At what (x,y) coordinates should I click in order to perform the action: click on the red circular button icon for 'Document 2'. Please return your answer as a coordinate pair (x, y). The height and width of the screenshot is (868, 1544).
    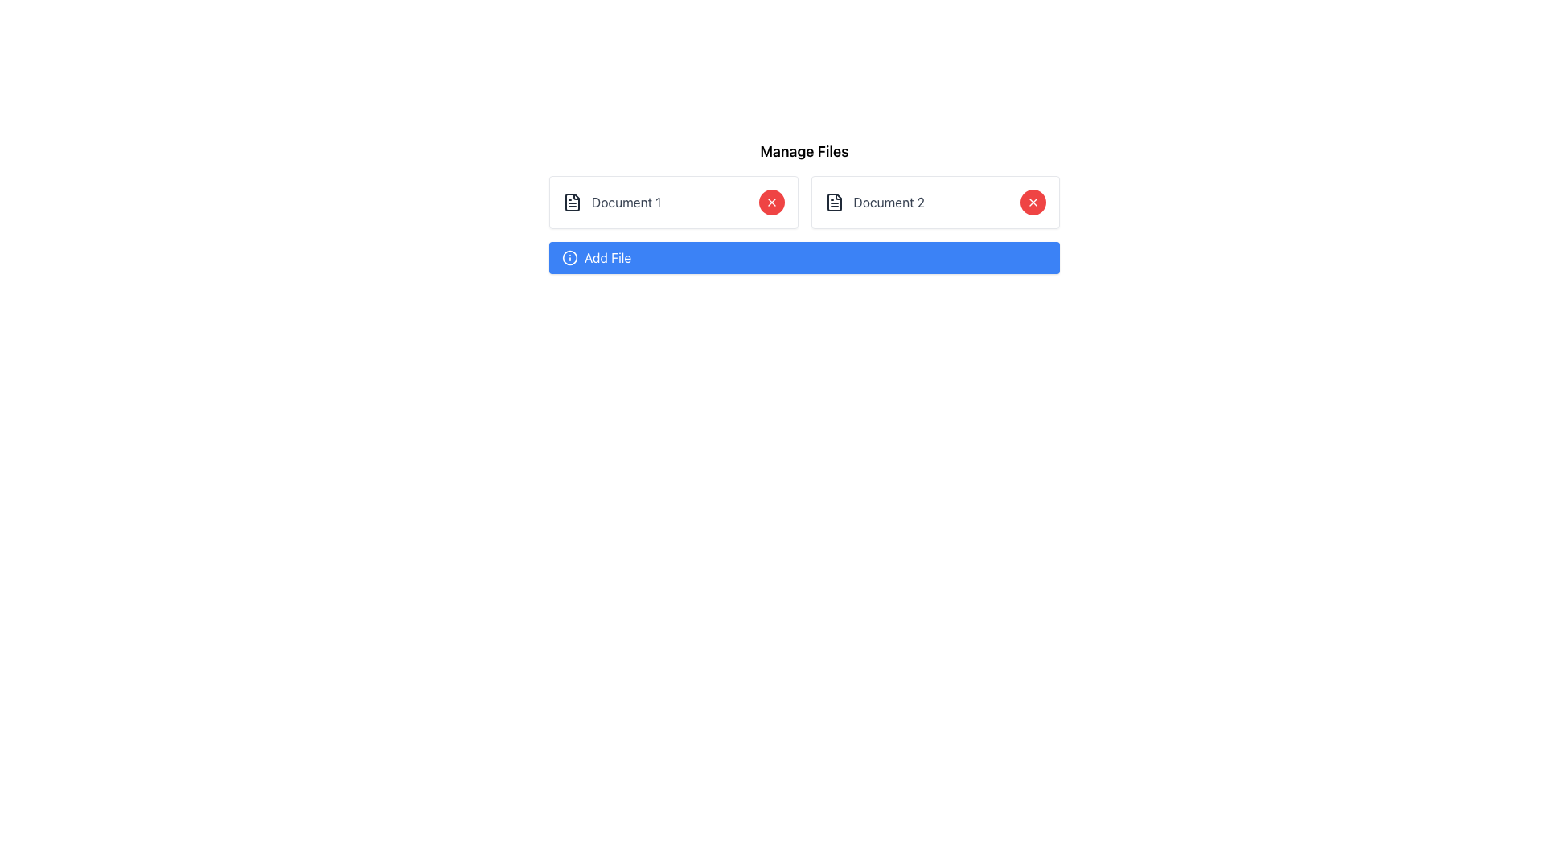
    Looking at the image, I should click on (770, 201).